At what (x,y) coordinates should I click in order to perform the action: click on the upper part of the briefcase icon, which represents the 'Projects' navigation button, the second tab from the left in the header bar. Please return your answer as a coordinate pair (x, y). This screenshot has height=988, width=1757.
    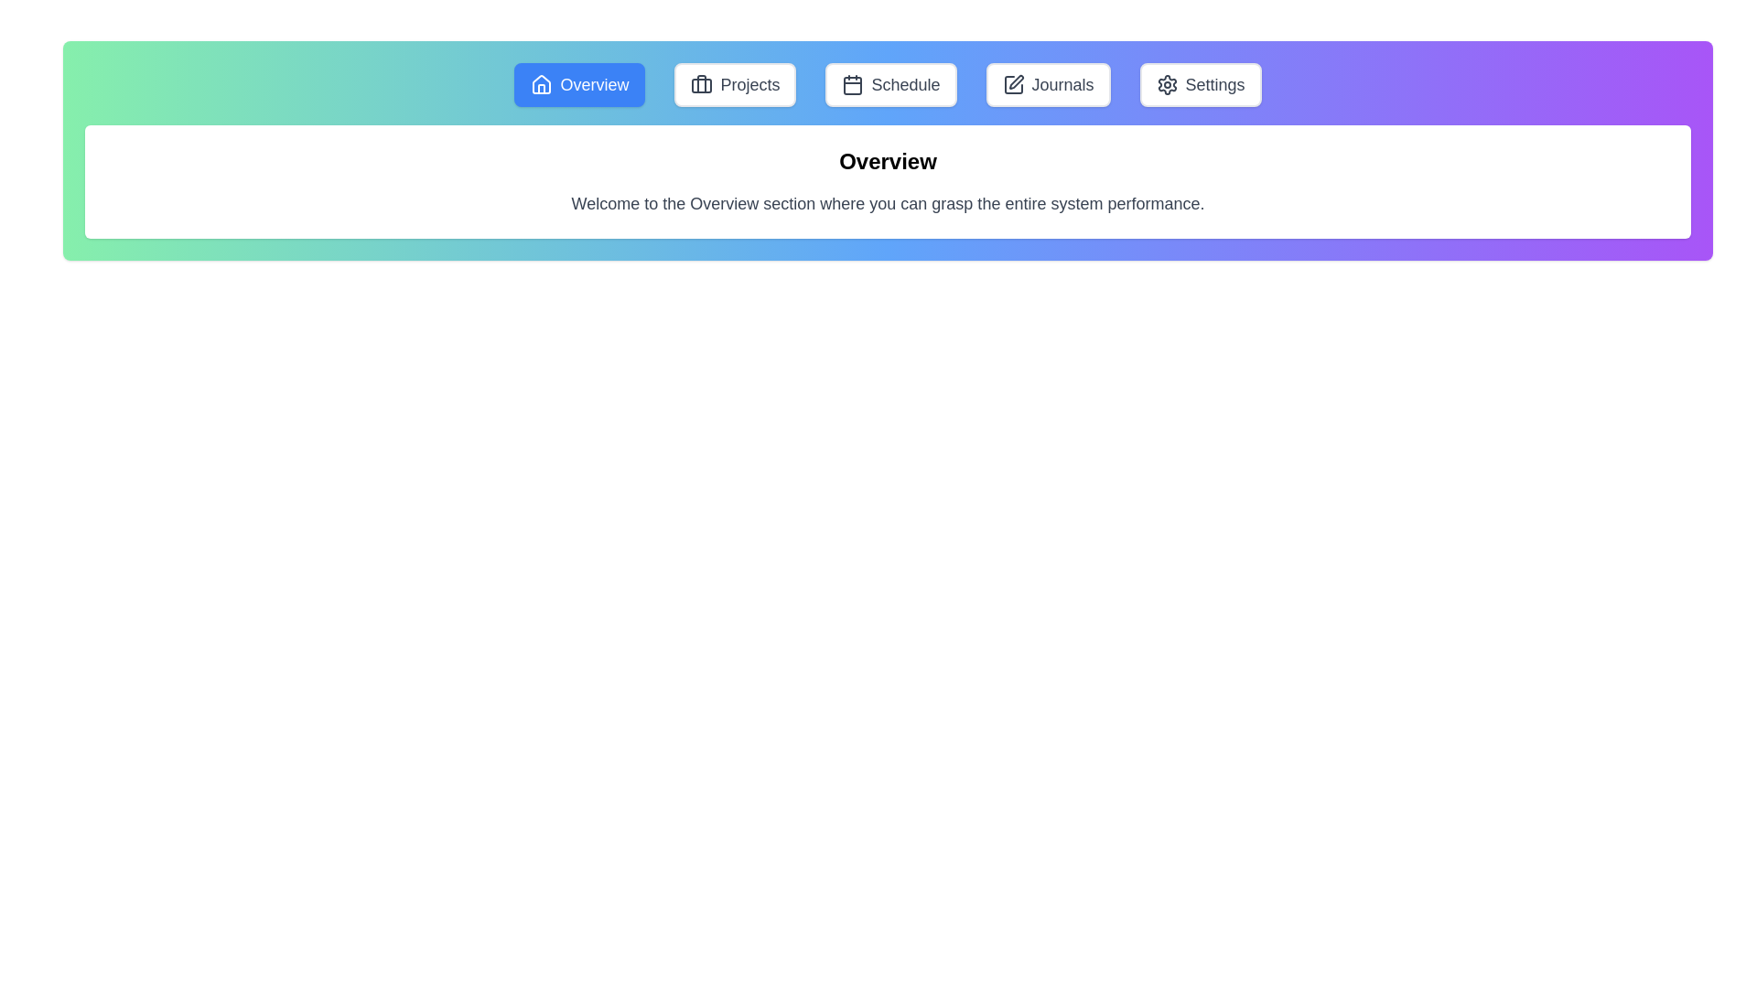
    Looking at the image, I should click on (701, 84).